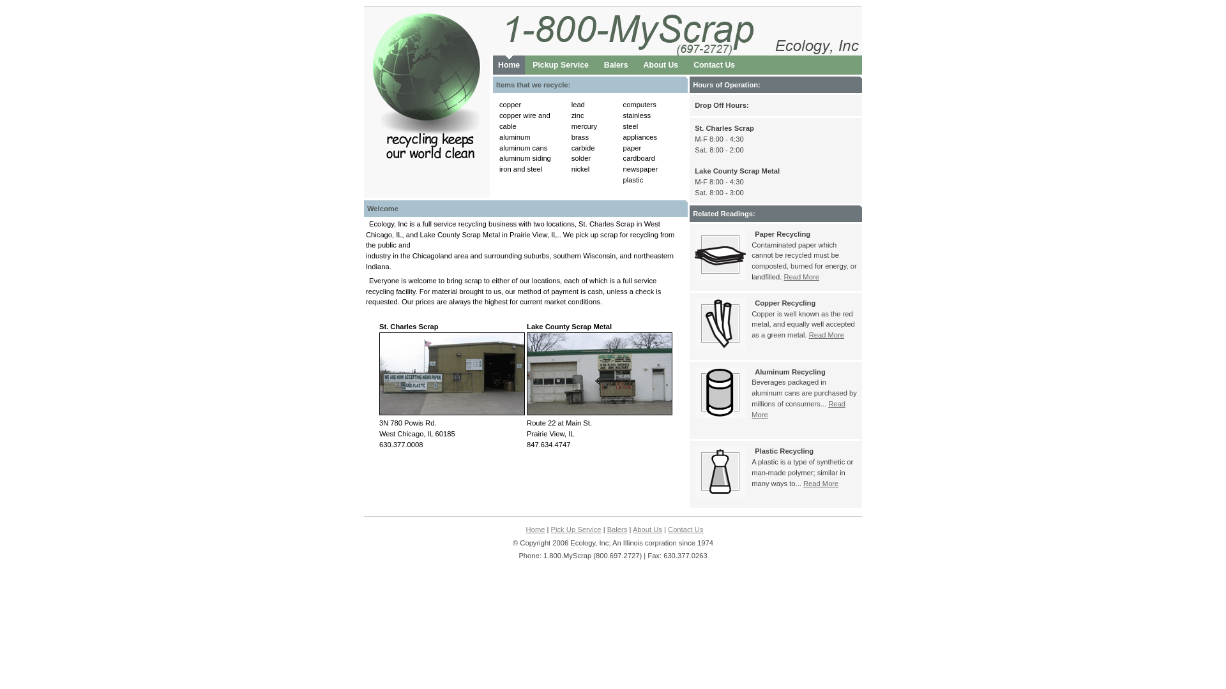 The height and width of the screenshot is (689, 1226). What do you see at coordinates (561, 64) in the screenshot?
I see `'Pickup Service'` at bounding box center [561, 64].